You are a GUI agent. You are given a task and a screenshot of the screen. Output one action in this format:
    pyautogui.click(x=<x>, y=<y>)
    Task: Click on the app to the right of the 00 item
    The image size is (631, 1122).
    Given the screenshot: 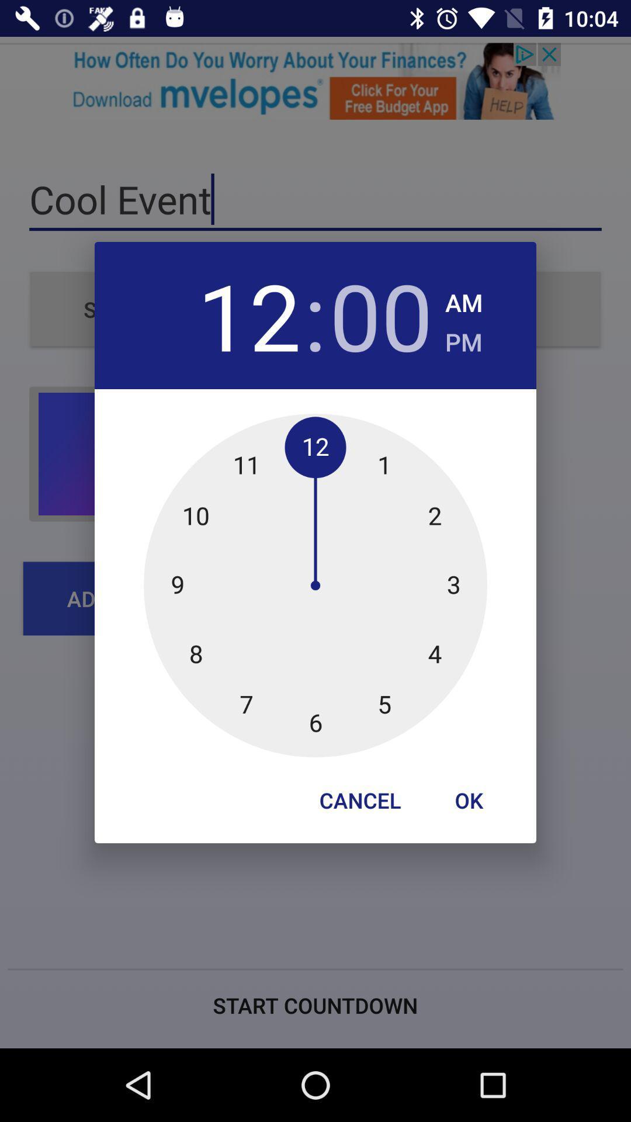 What is the action you would take?
    pyautogui.click(x=463, y=338)
    